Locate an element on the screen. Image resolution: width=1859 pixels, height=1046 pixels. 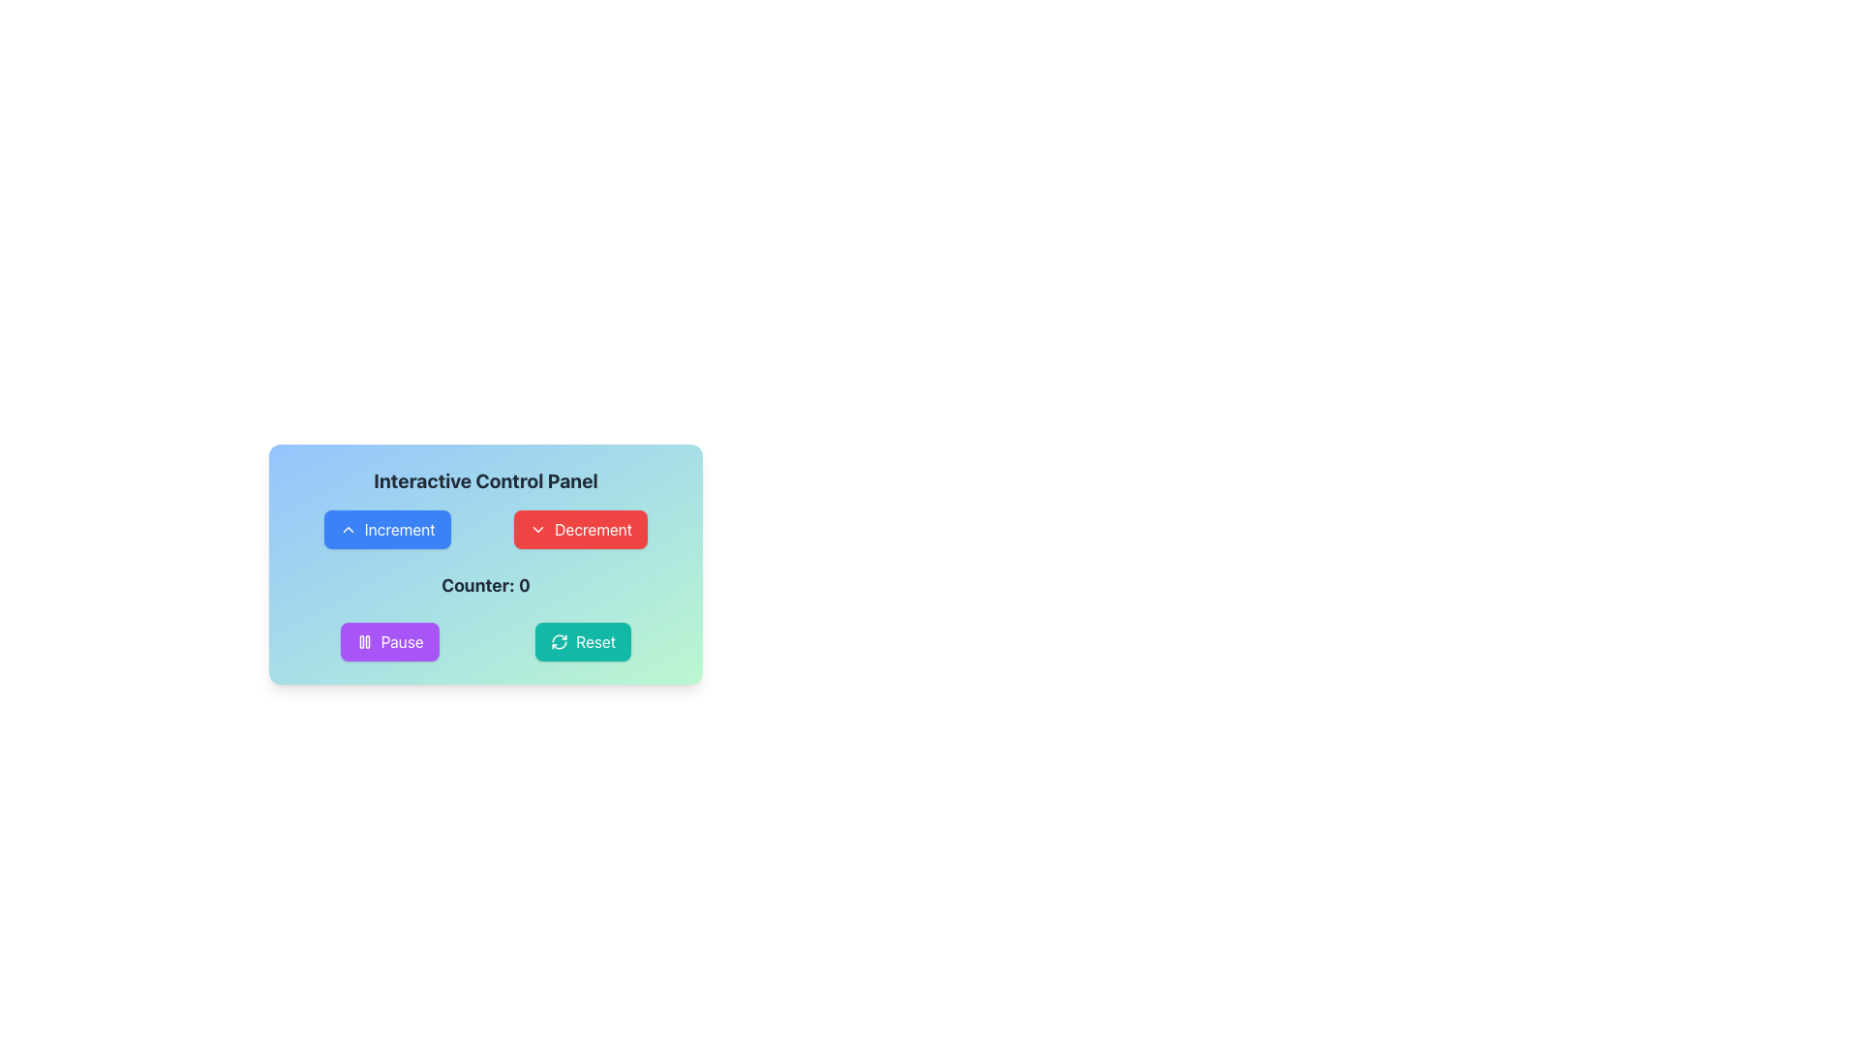
the left vertical bar of the pause icon, which is part of a purple button labeled 'Pause' on the interactive control panel is located at coordinates (361, 642).